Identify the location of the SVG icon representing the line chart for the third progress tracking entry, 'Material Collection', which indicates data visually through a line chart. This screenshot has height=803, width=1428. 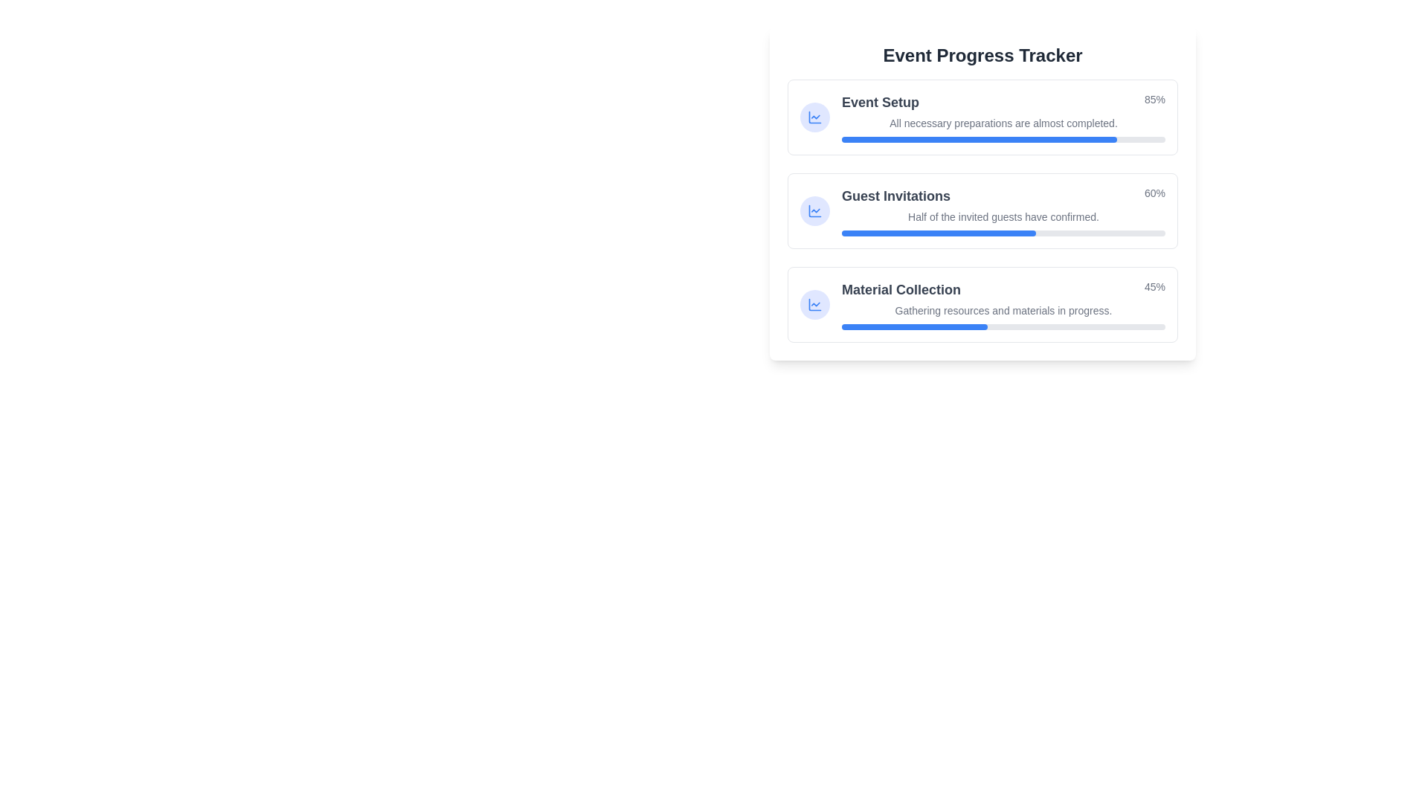
(814, 211).